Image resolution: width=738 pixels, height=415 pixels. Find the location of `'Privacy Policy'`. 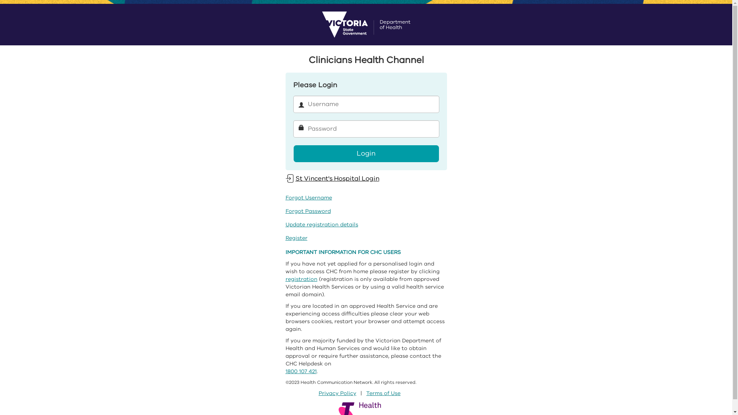

'Privacy Policy' is located at coordinates (337, 393).